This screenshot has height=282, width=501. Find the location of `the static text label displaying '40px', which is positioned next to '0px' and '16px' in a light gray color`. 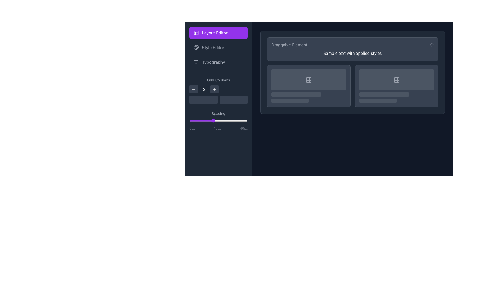

the static text label displaying '40px', which is positioned next to '0px' and '16px' in a light gray color is located at coordinates (243, 128).